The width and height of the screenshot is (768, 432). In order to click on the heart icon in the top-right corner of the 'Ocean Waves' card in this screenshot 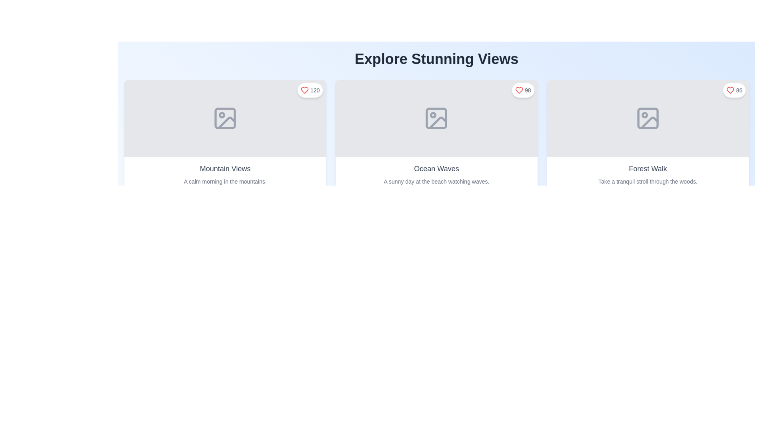, I will do `click(519, 90)`.